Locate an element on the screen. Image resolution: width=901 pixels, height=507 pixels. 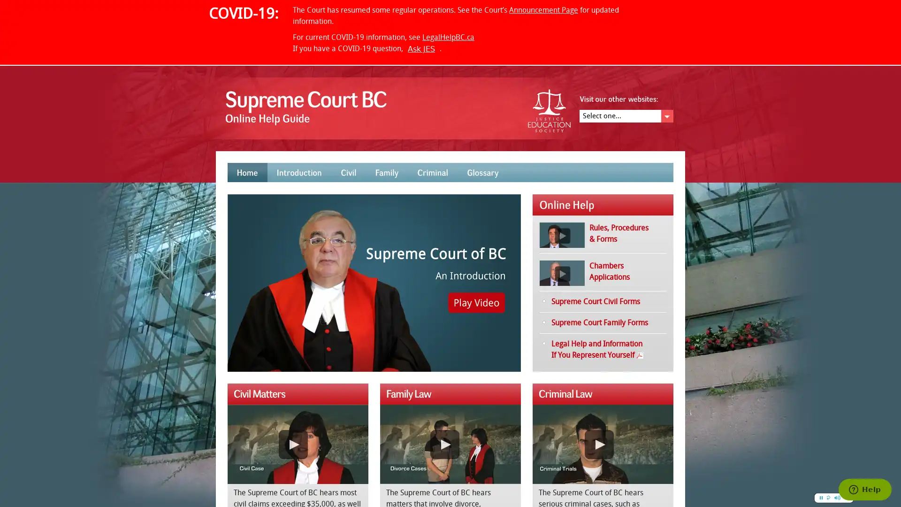
Ask JES is located at coordinates (420, 49).